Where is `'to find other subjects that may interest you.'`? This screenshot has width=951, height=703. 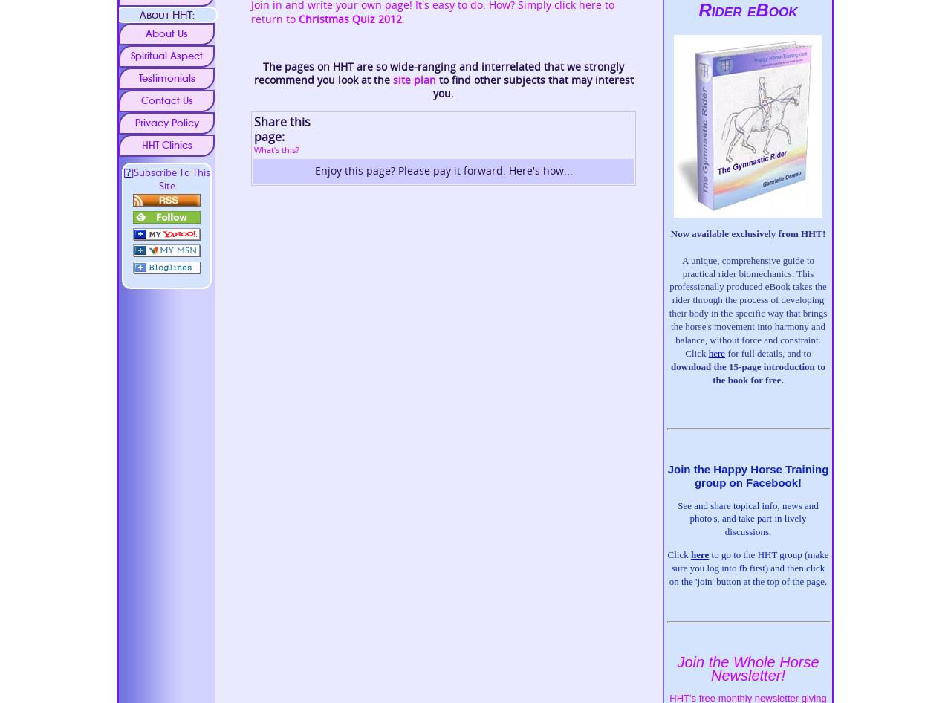 'to find other subjects that may interest you.' is located at coordinates (533, 85).